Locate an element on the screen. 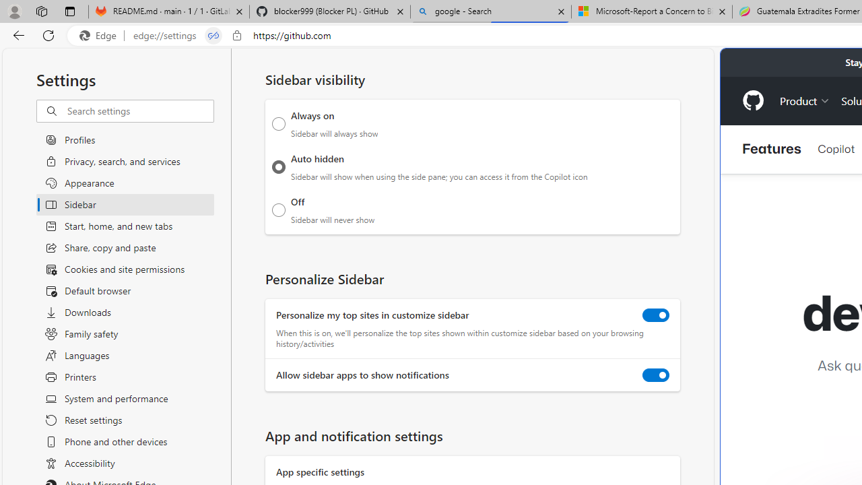 The image size is (862, 485). 'Copilot' is located at coordinates (835, 149).